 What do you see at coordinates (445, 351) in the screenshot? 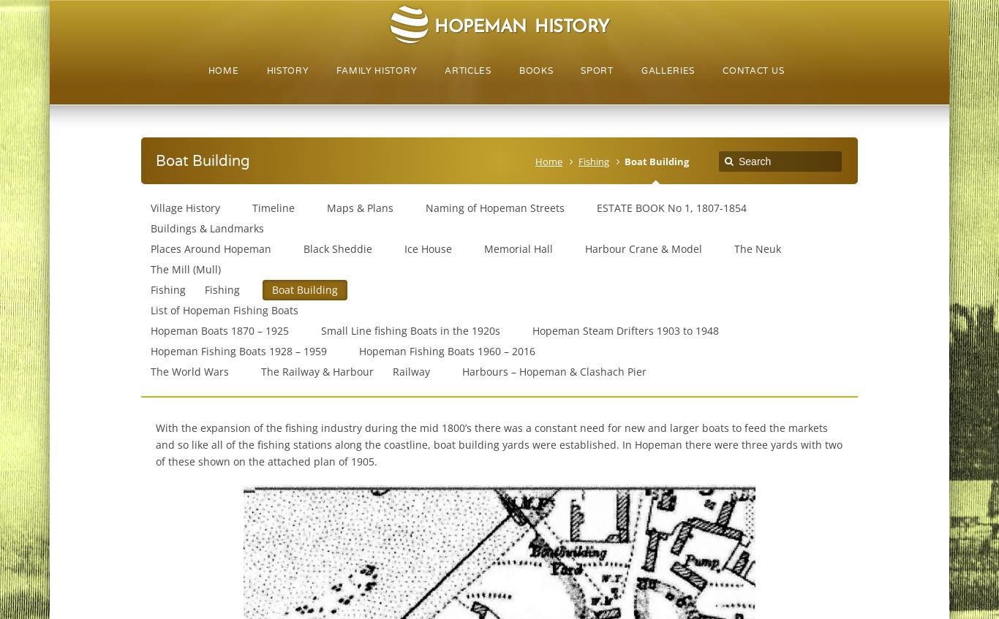
I see `'Hopeman Fishing Boats 1960 – 2016'` at bounding box center [445, 351].